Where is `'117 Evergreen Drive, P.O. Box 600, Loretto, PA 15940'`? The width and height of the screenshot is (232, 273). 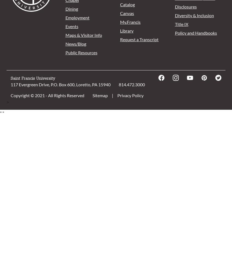
'117 Evergreen Drive, P.O. Box 600, Loretto, PA 15940' is located at coordinates (10, 84).